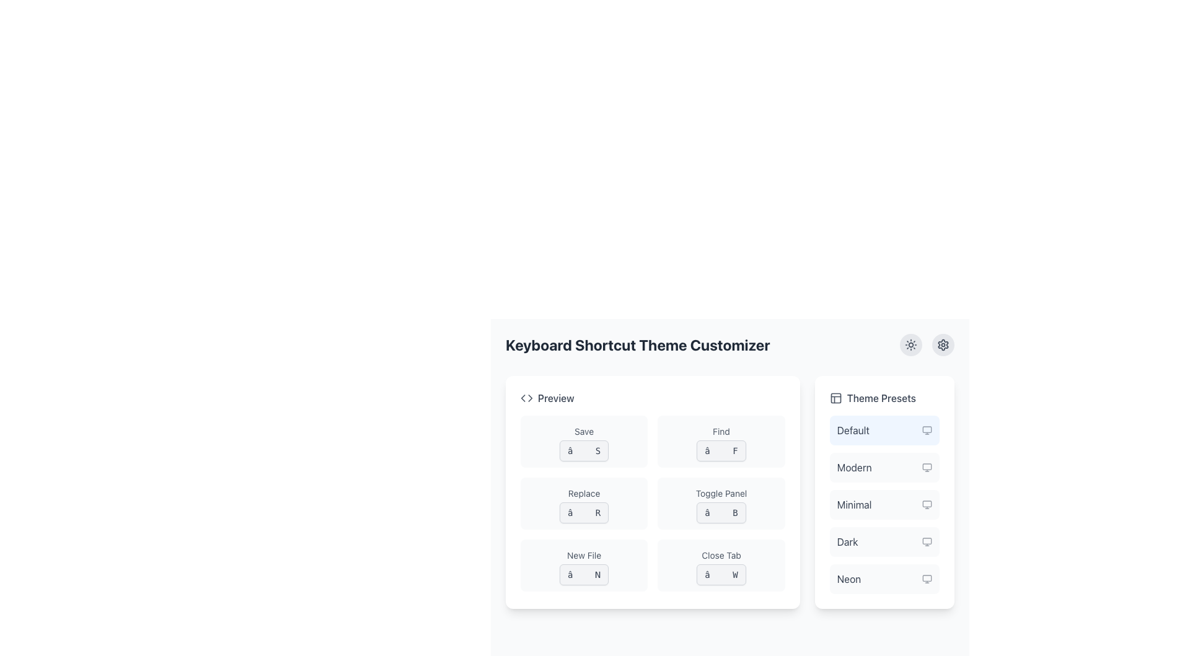 This screenshot has width=1190, height=669. Describe the element at coordinates (942, 344) in the screenshot. I see `the gear icon located in the top-right corner of the application interface` at that location.